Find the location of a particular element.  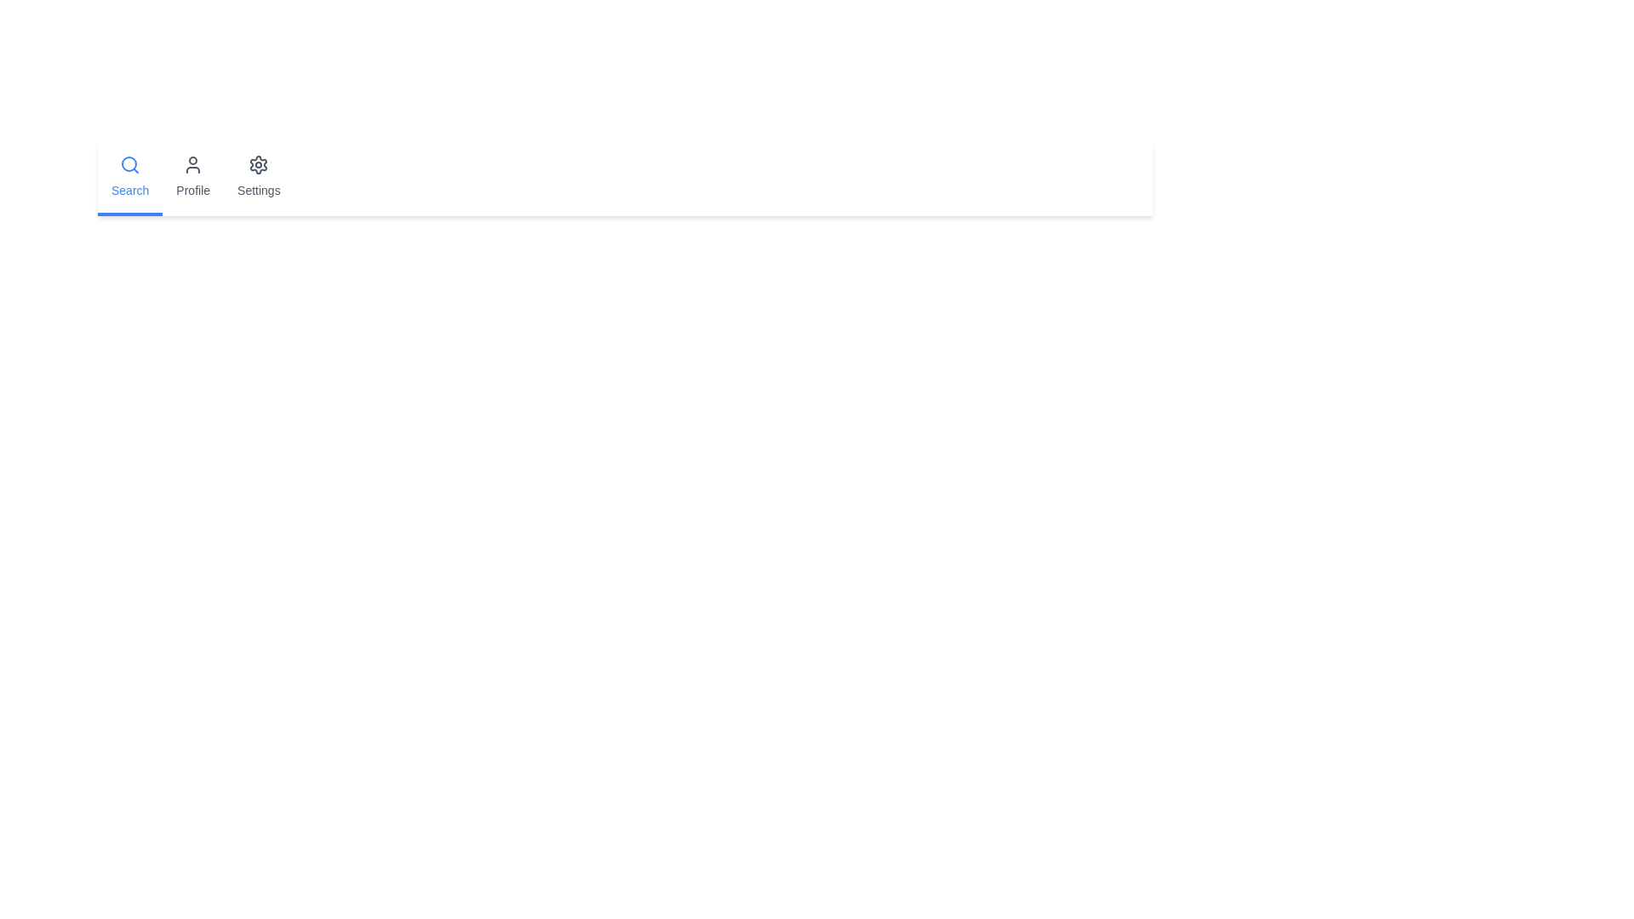

the central gear-shaped icon associated with the 'Settings' option in the top horizontal menu bar is located at coordinates (258, 164).